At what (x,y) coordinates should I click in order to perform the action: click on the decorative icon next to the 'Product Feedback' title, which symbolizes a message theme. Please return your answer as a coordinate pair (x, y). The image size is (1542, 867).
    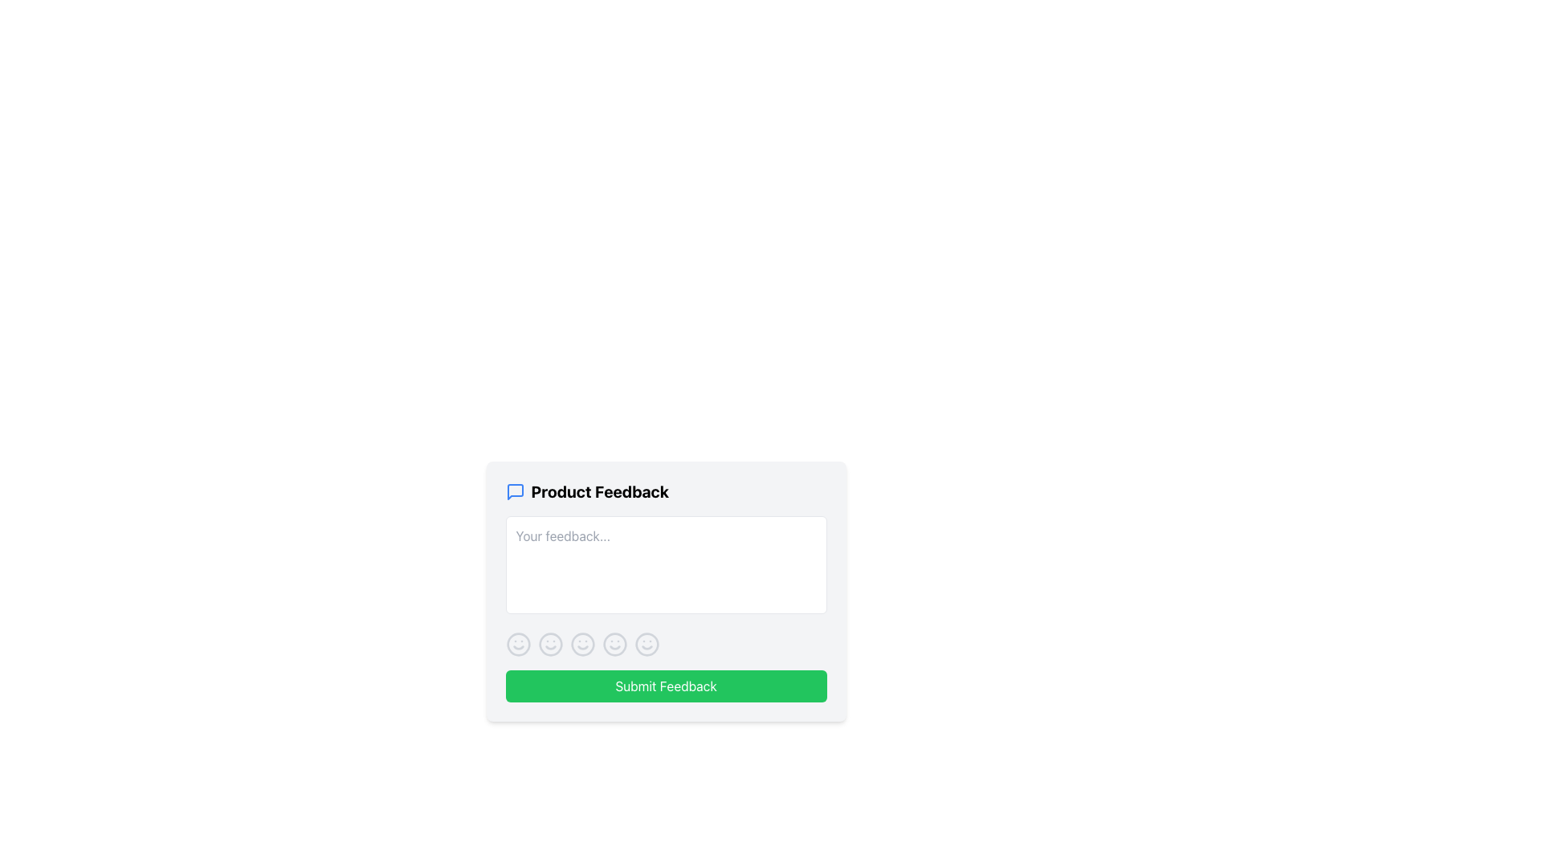
    Looking at the image, I should click on (515, 491).